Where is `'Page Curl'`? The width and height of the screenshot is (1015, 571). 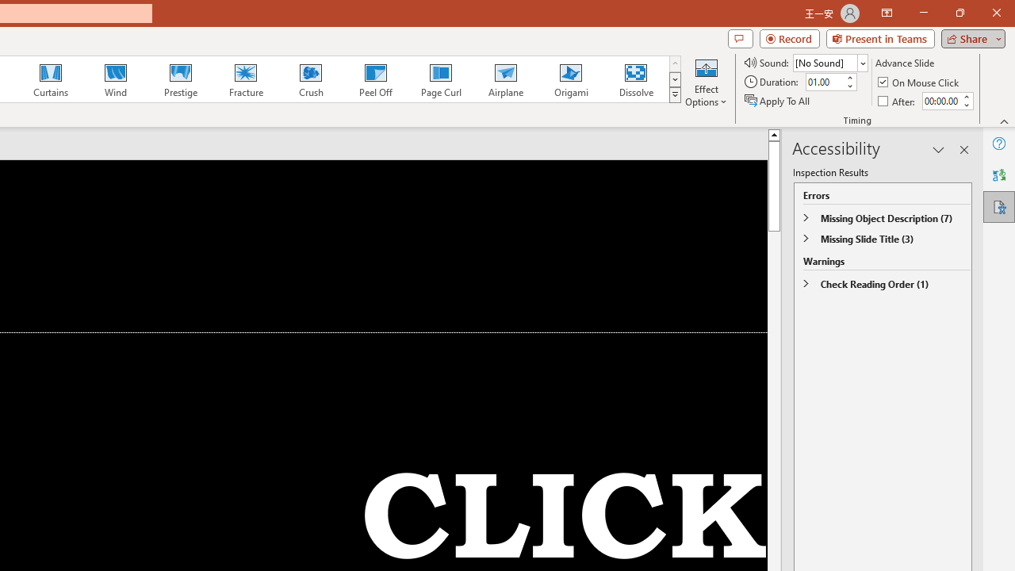 'Page Curl' is located at coordinates (440, 79).